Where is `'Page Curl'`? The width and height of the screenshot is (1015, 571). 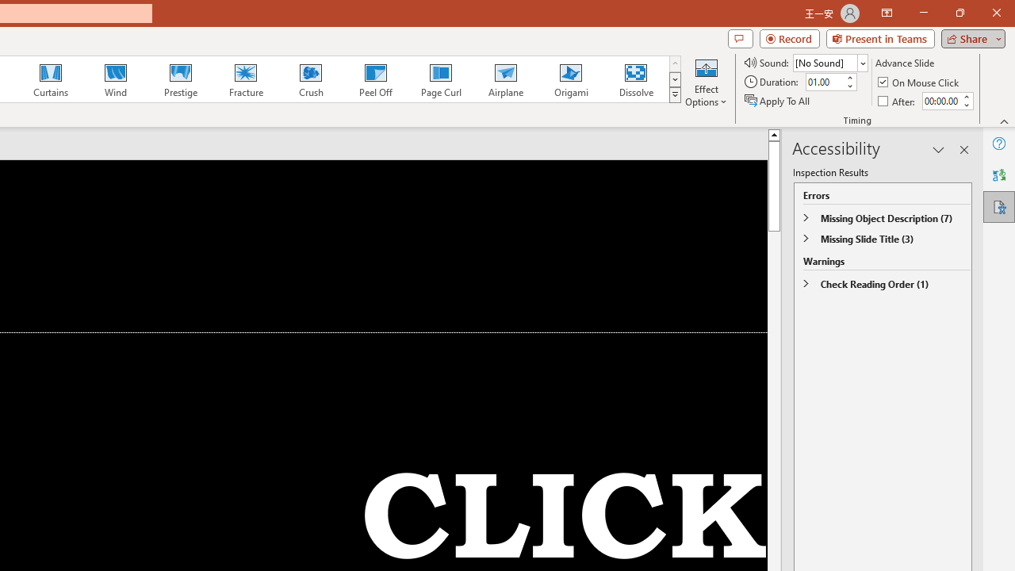 'Page Curl' is located at coordinates (440, 79).